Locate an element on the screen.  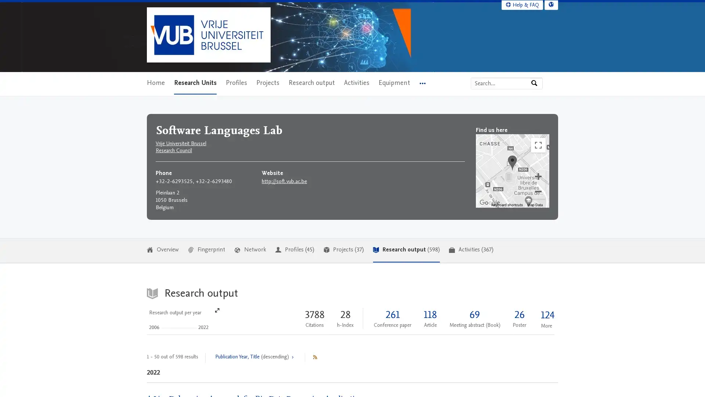
Select language is located at coordinates (551, 4).